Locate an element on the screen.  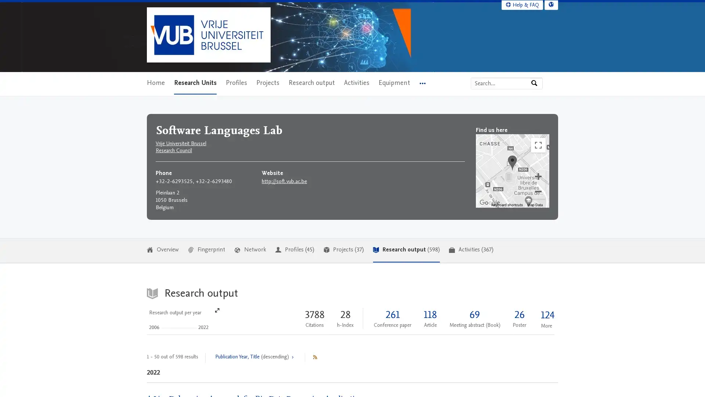
Select language is located at coordinates (551, 4).